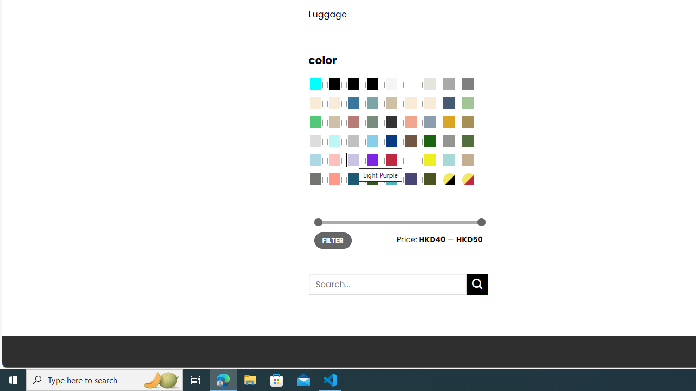 Image resolution: width=696 pixels, height=391 pixels. I want to click on 'Brown', so click(410, 140).